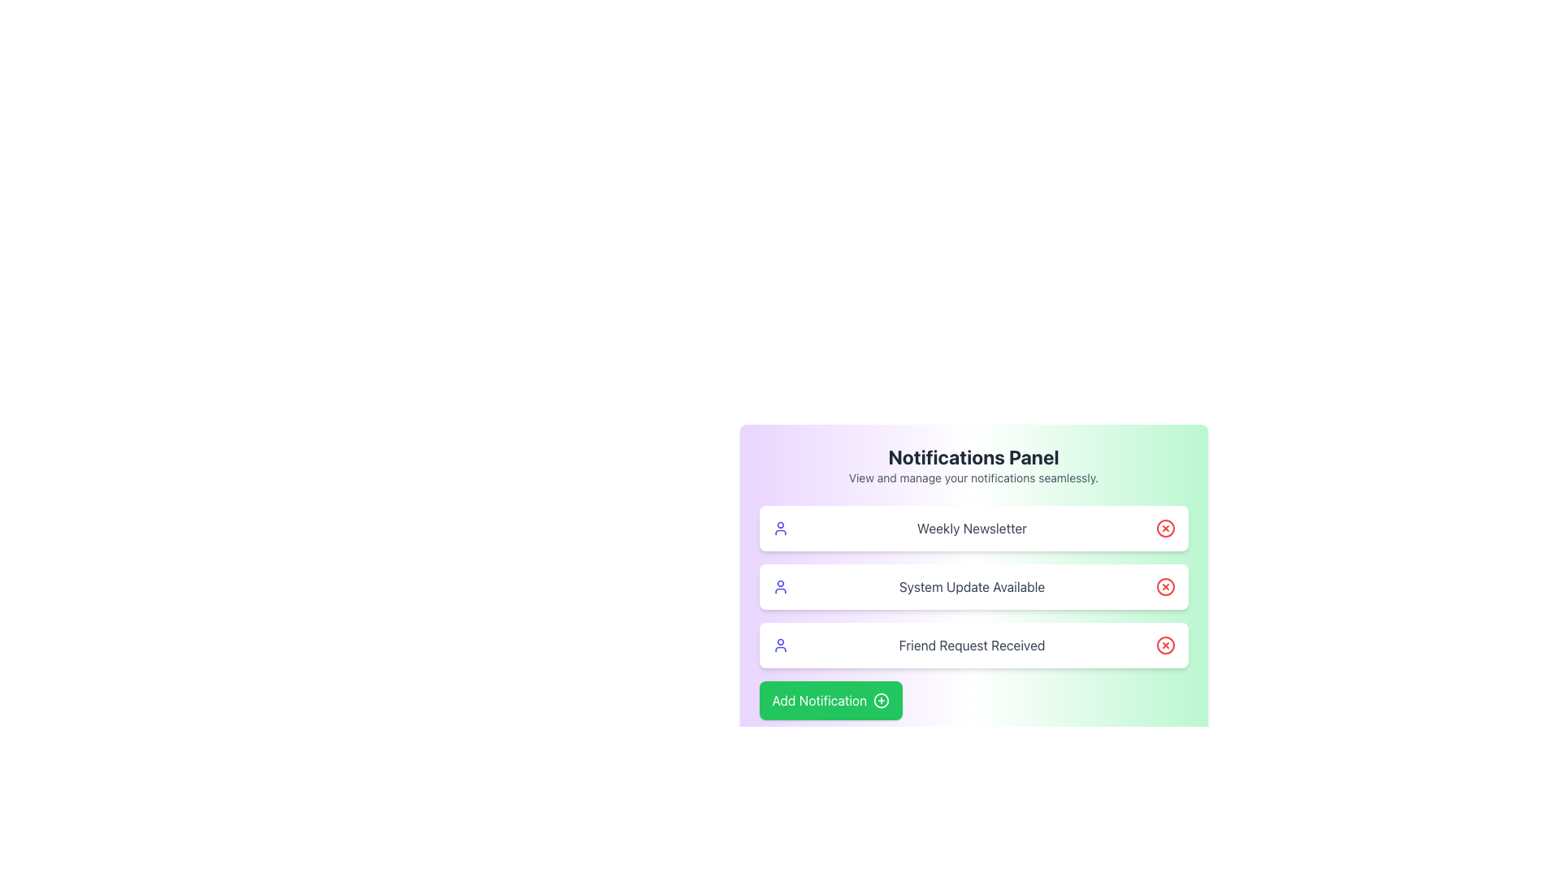 This screenshot has height=877, width=1560. Describe the element at coordinates (973, 465) in the screenshot. I see `the 'Notifications Panel' text block, which features a bold title and a gradient background, located at the top of the section` at that location.